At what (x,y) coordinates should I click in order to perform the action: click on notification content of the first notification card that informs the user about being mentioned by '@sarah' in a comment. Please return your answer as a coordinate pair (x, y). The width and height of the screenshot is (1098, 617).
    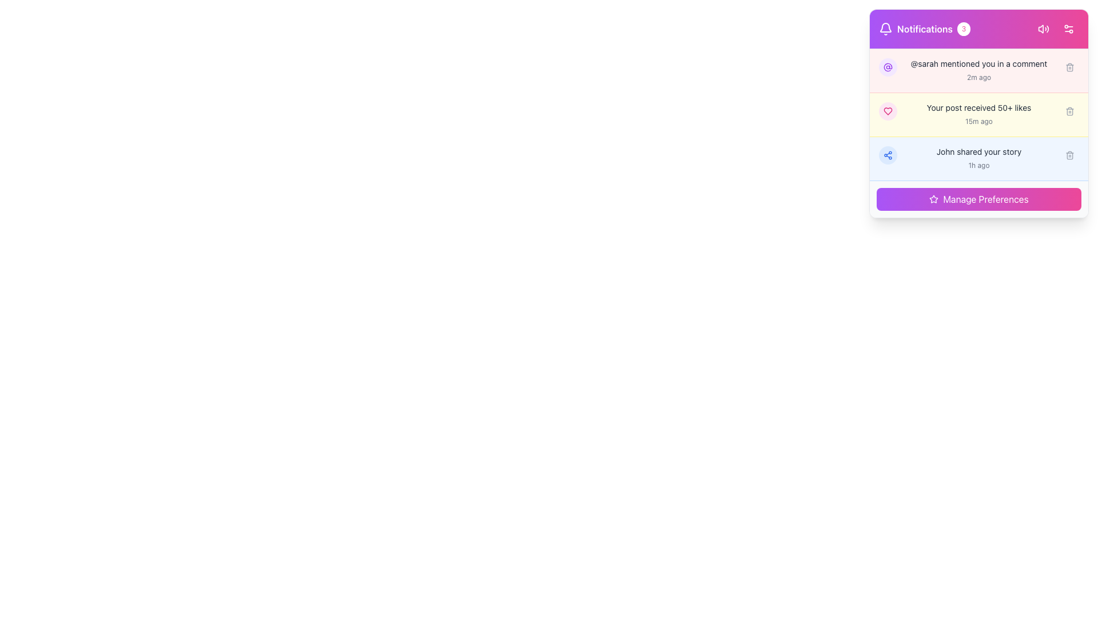
    Looking at the image, I should click on (978, 71).